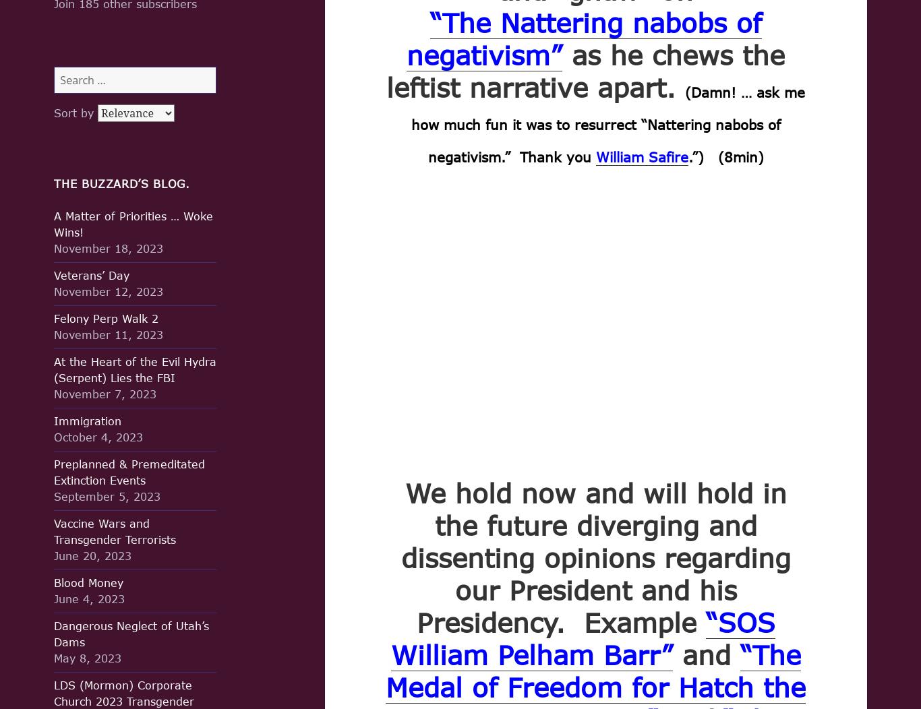 The height and width of the screenshot is (709, 921). What do you see at coordinates (54, 633) in the screenshot?
I see `'Dangerous Neglect of Utah’s Dams'` at bounding box center [54, 633].